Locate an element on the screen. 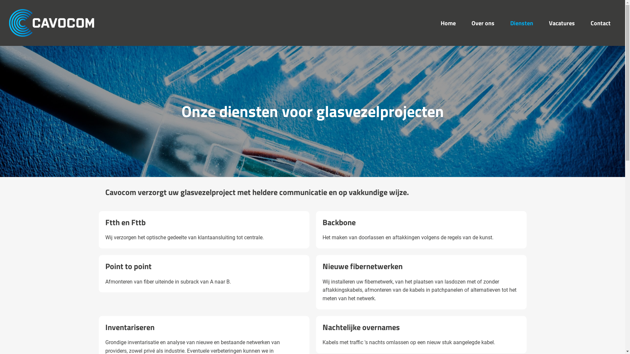 This screenshot has width=630, height=354. 'Over ons' is located at coordinates (483, 22).